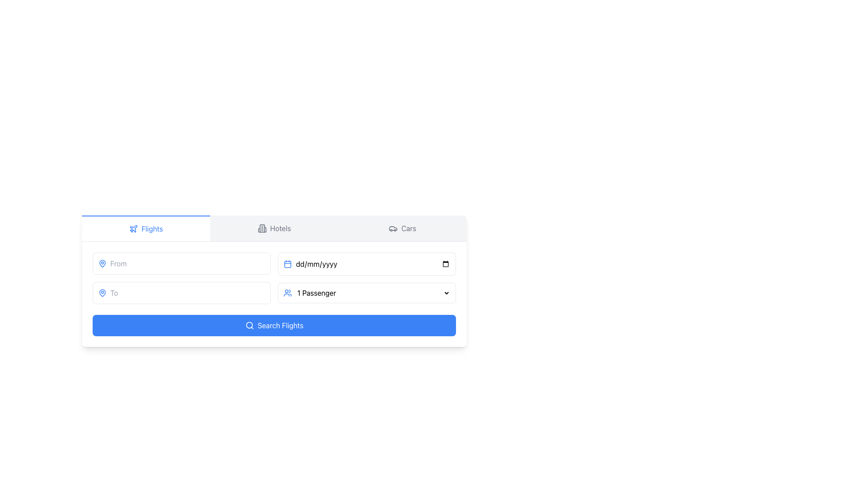 Image resolution: width=855 pixels, height=481 pixels. Describe the element at coordinates (249, 326) in the screenshot. I see `the magnifying glass icon, which is a white outlined SVG graphic on the blue 'Search Flights' button` at that location.